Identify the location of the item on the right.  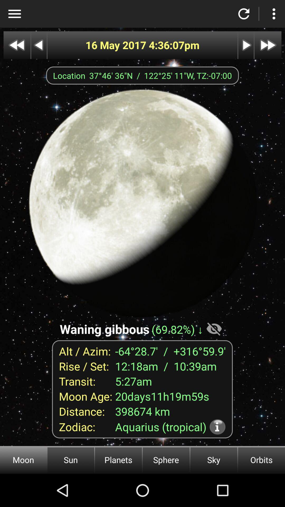
(214, 328).